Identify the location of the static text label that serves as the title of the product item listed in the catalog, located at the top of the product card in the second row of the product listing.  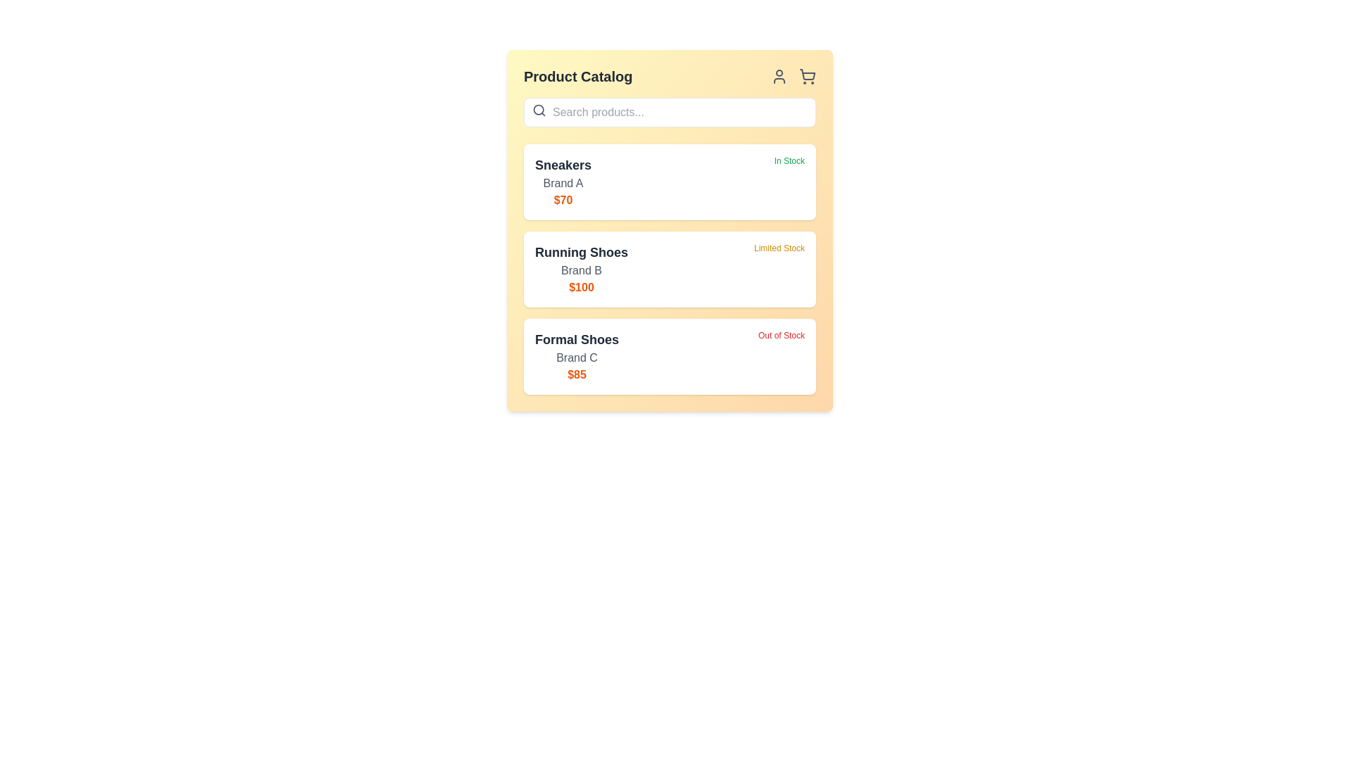
(581, 251).